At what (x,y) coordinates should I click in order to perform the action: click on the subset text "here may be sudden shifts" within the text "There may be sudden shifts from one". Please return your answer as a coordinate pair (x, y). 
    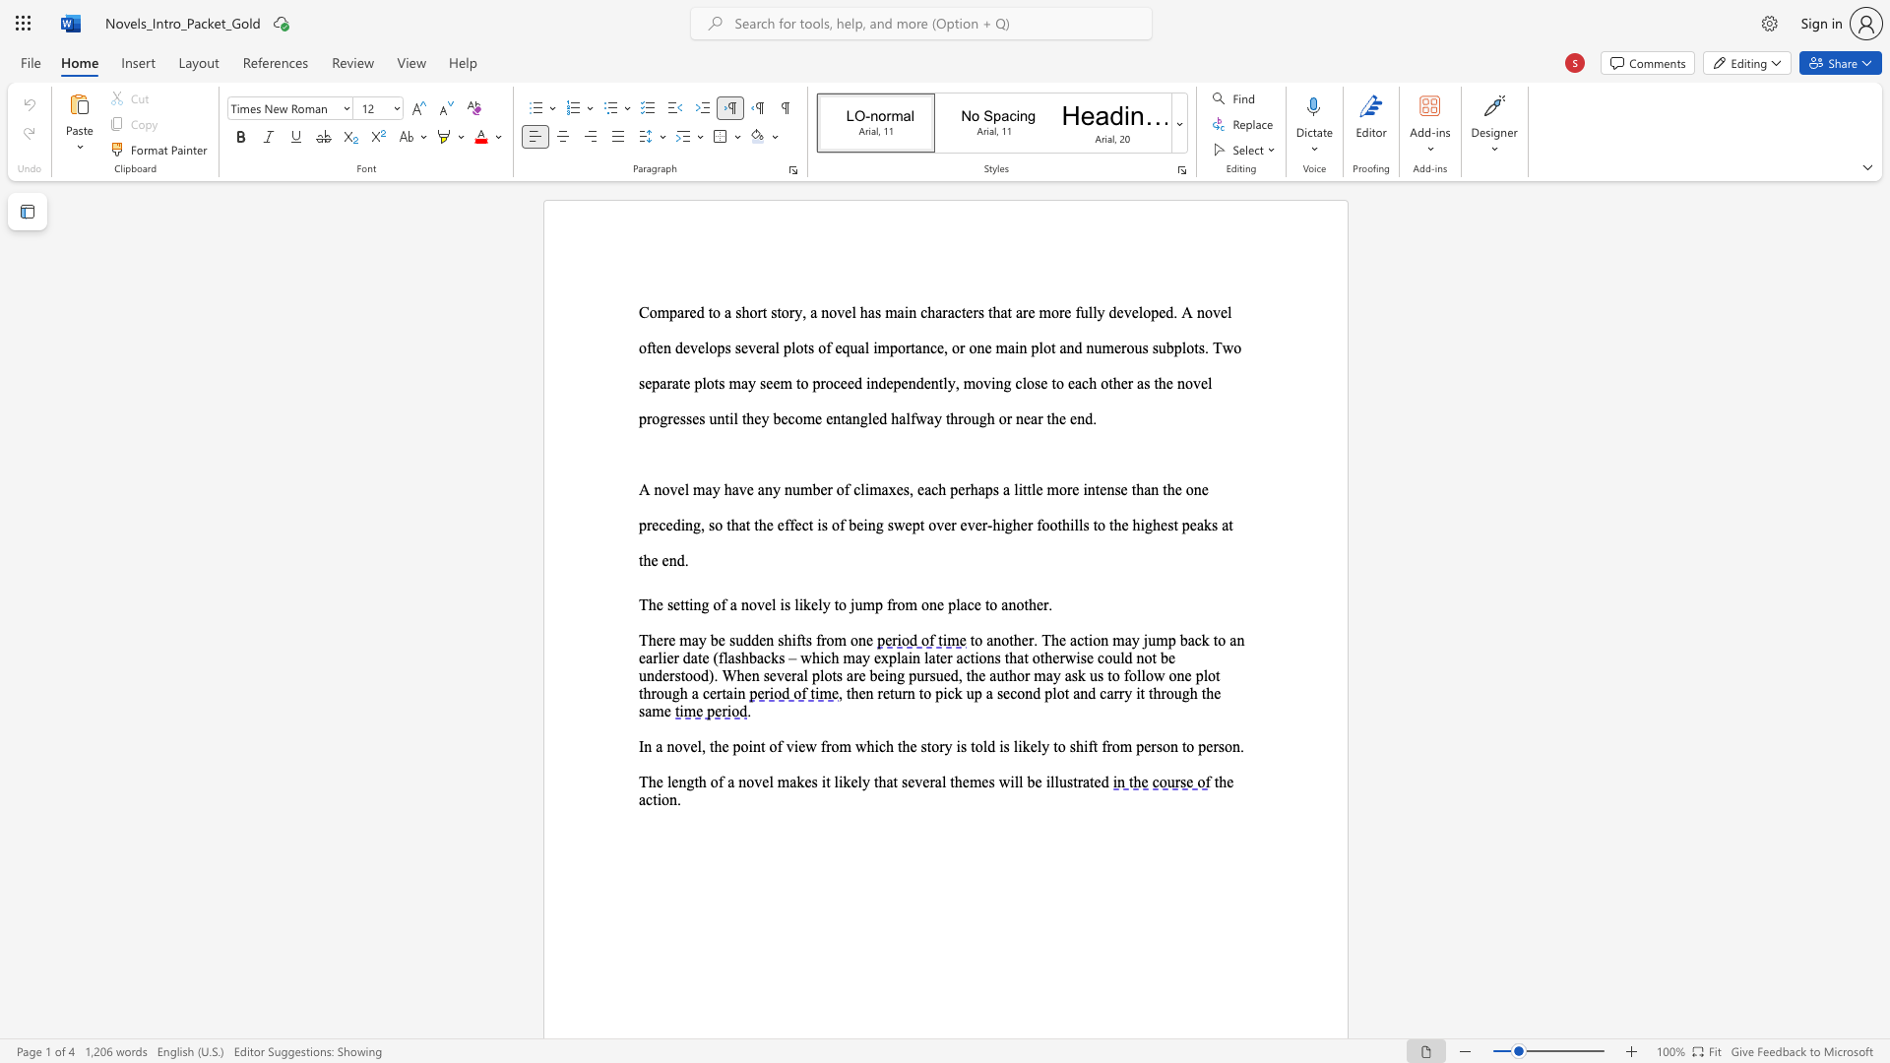
    Looking at the image, I should click on (648, 640).